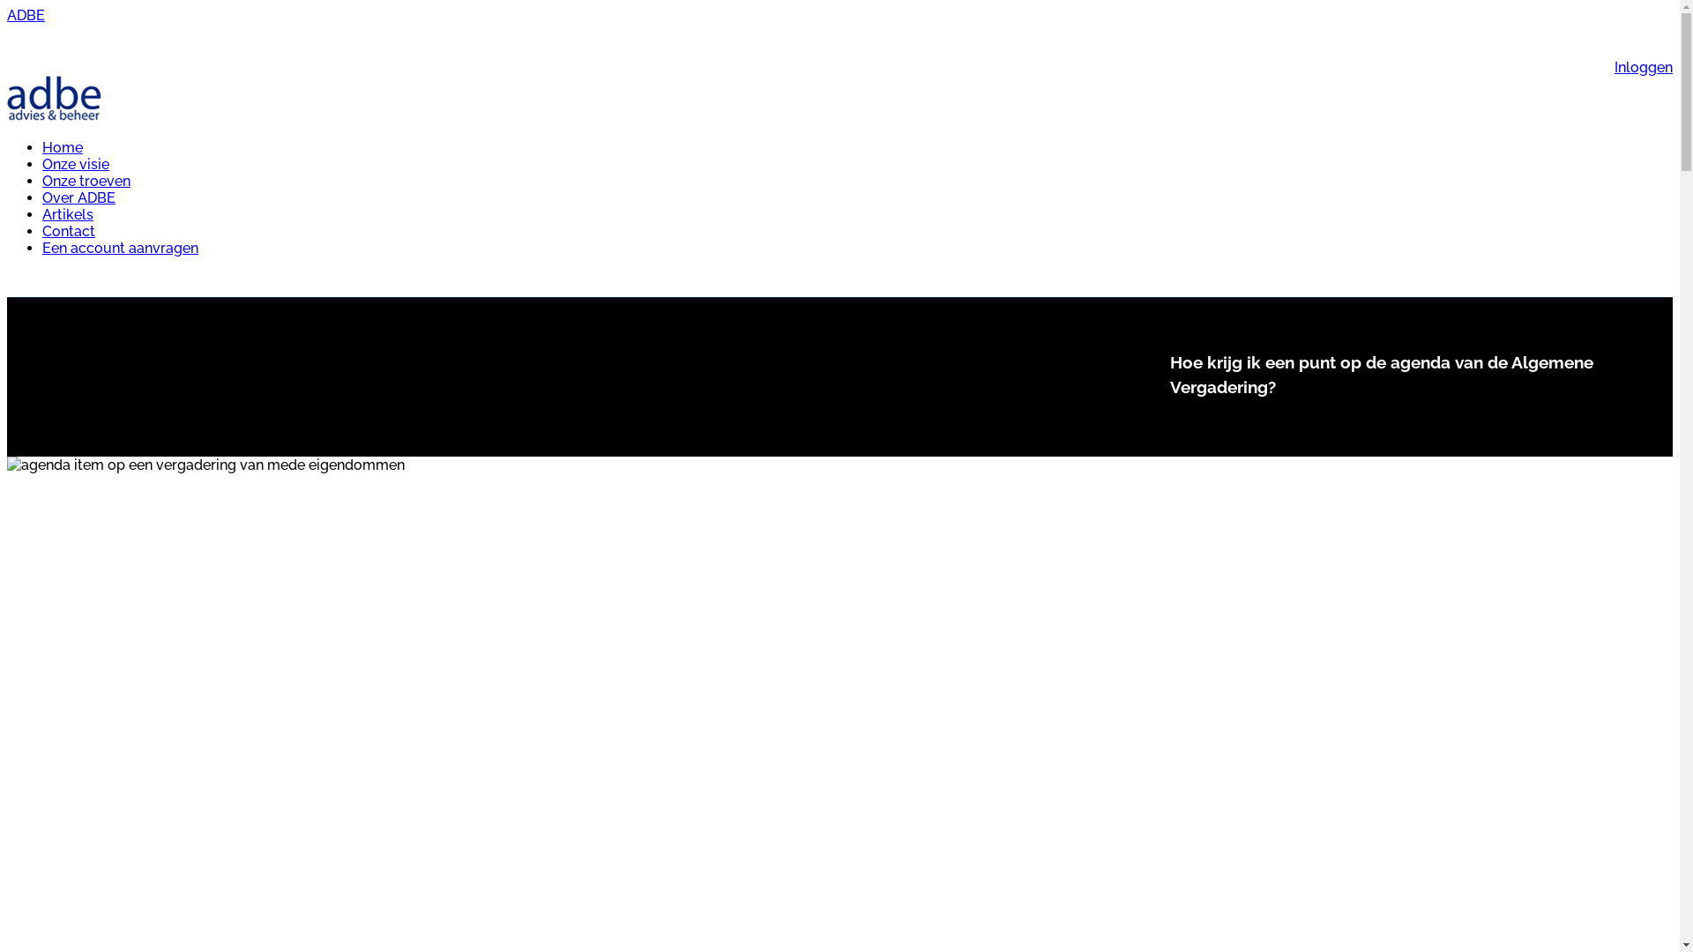 This screenshot has height=952, width=1693. What do you see at coordinates (63, 146) in the screenshot?
I see `'Home'` at bounding box center [63, 146].